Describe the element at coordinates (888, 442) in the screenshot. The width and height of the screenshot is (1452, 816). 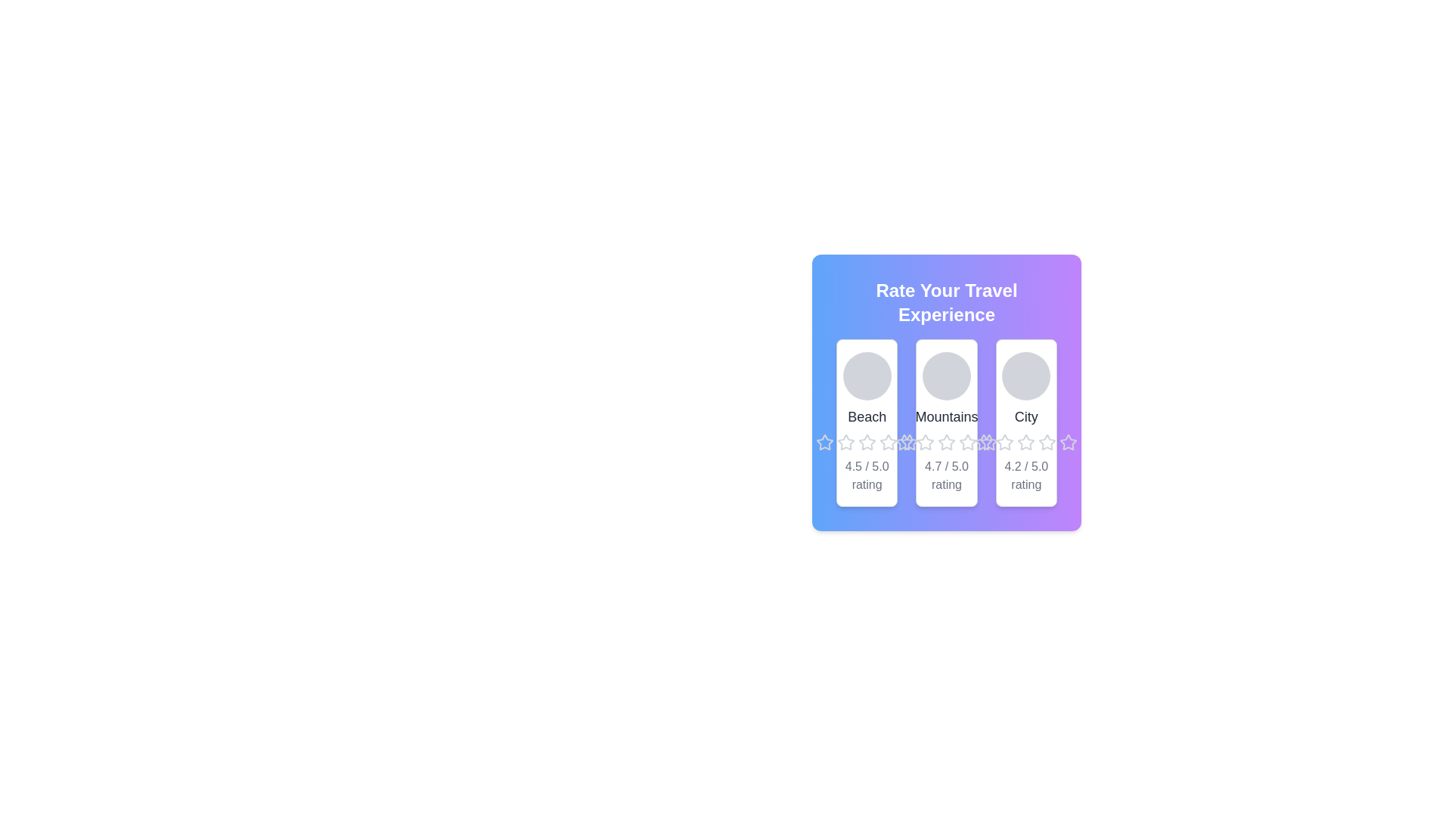
I see `the fifth star icon in the rating system for keyboard interaction` at that location.